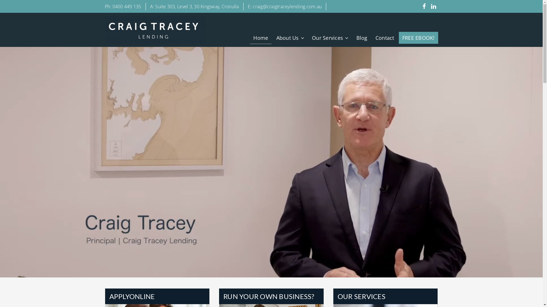 This screenshot has height=307, width=547. I want to click on 'Join us on Linked-In', so click(433, 7).